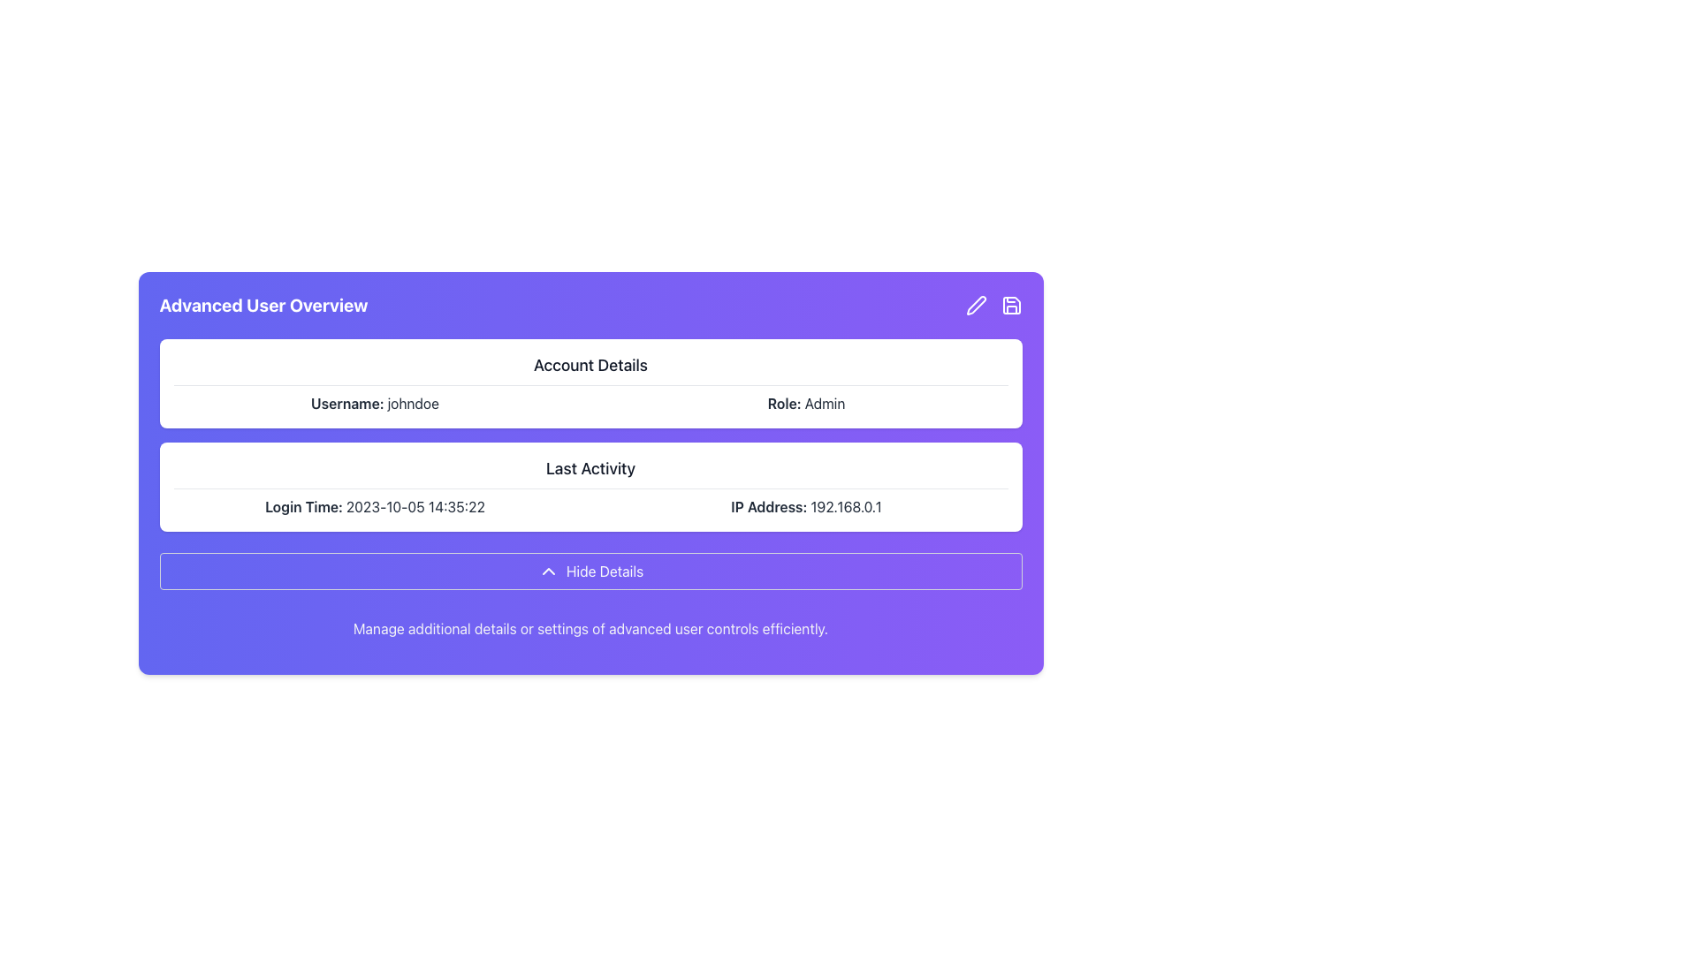  I want to click on displayed role information from the Label showing 'Role: Admin' in the 'Account Details' section, which is styled with a gray font color and bolded 'Role:' text, so click(805, 403).